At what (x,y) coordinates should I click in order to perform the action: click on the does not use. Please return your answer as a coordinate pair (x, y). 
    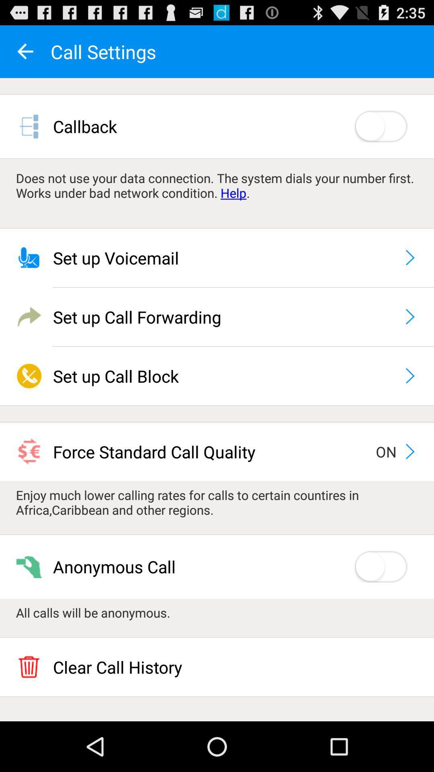
    Looking at the image, I should click on (217, 185).